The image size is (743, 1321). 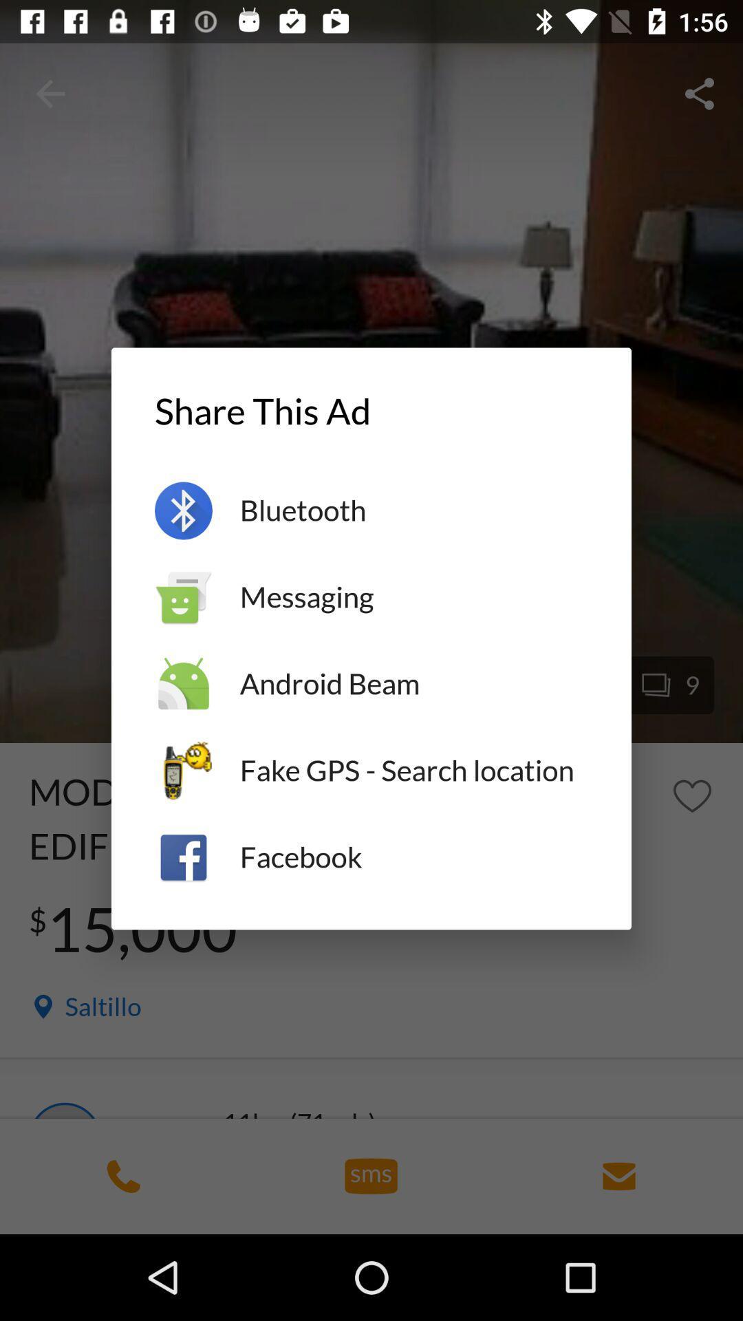 I want to click on the item below bluetooth item, so click(x=413, y=597).